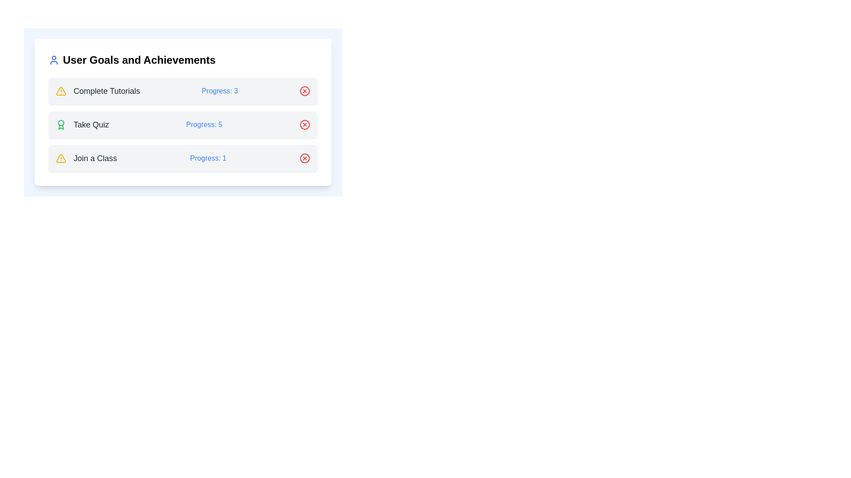 The height and width of the screenshot is (478, 851). I want to click on the SVG circle element representing the cancel or close functionality located to the right of the 'Complete Tutorials' row in the 'User Goals and Achievements' section, so click(304, 91).